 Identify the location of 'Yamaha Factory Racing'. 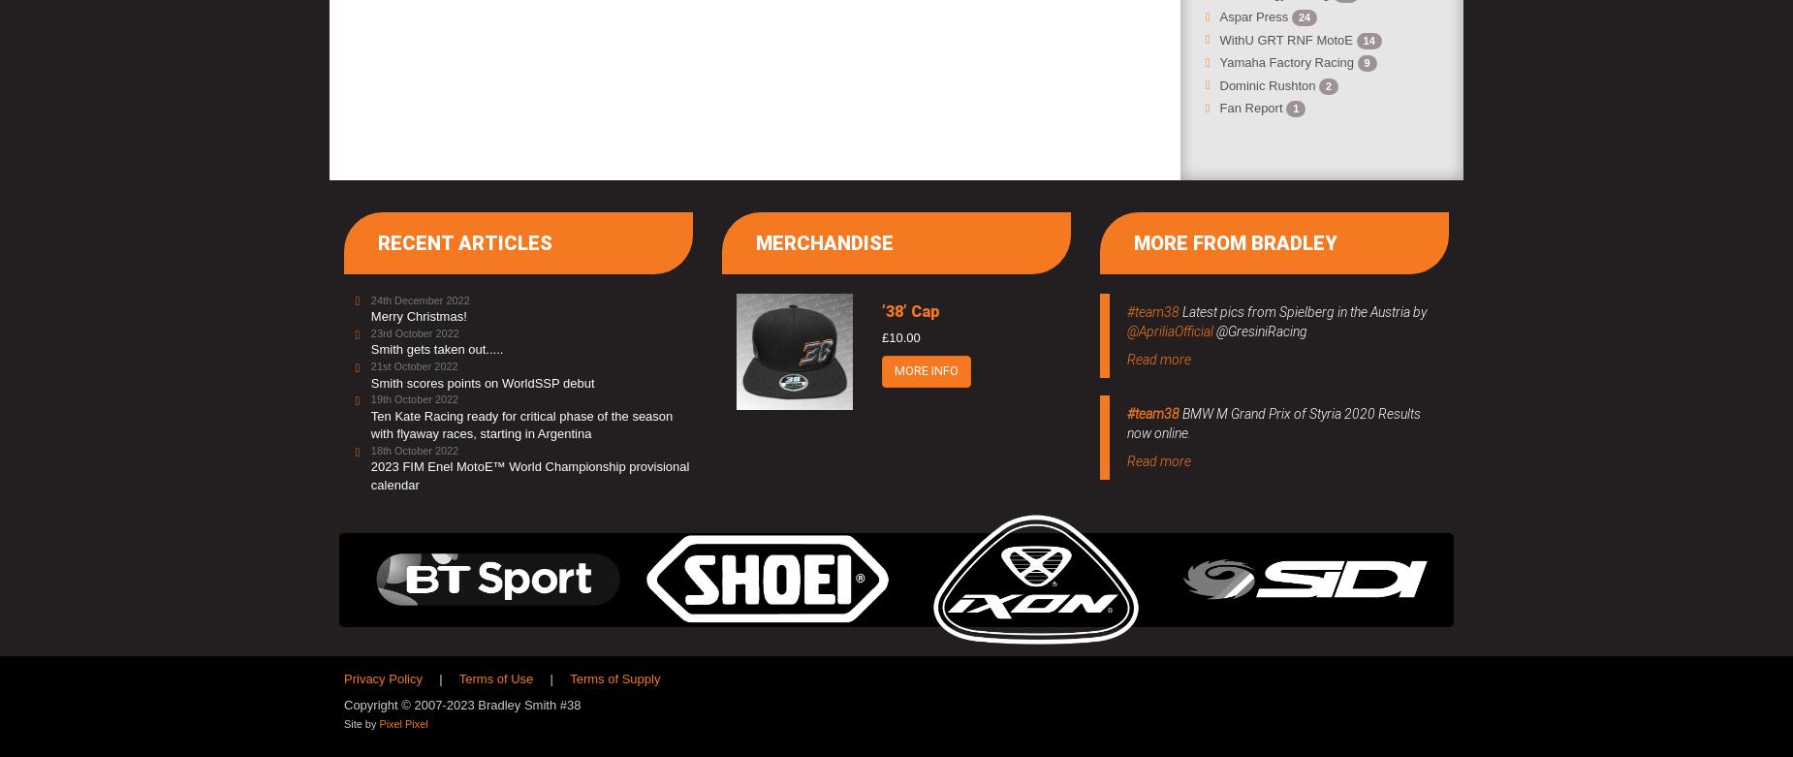
(1218, 62).